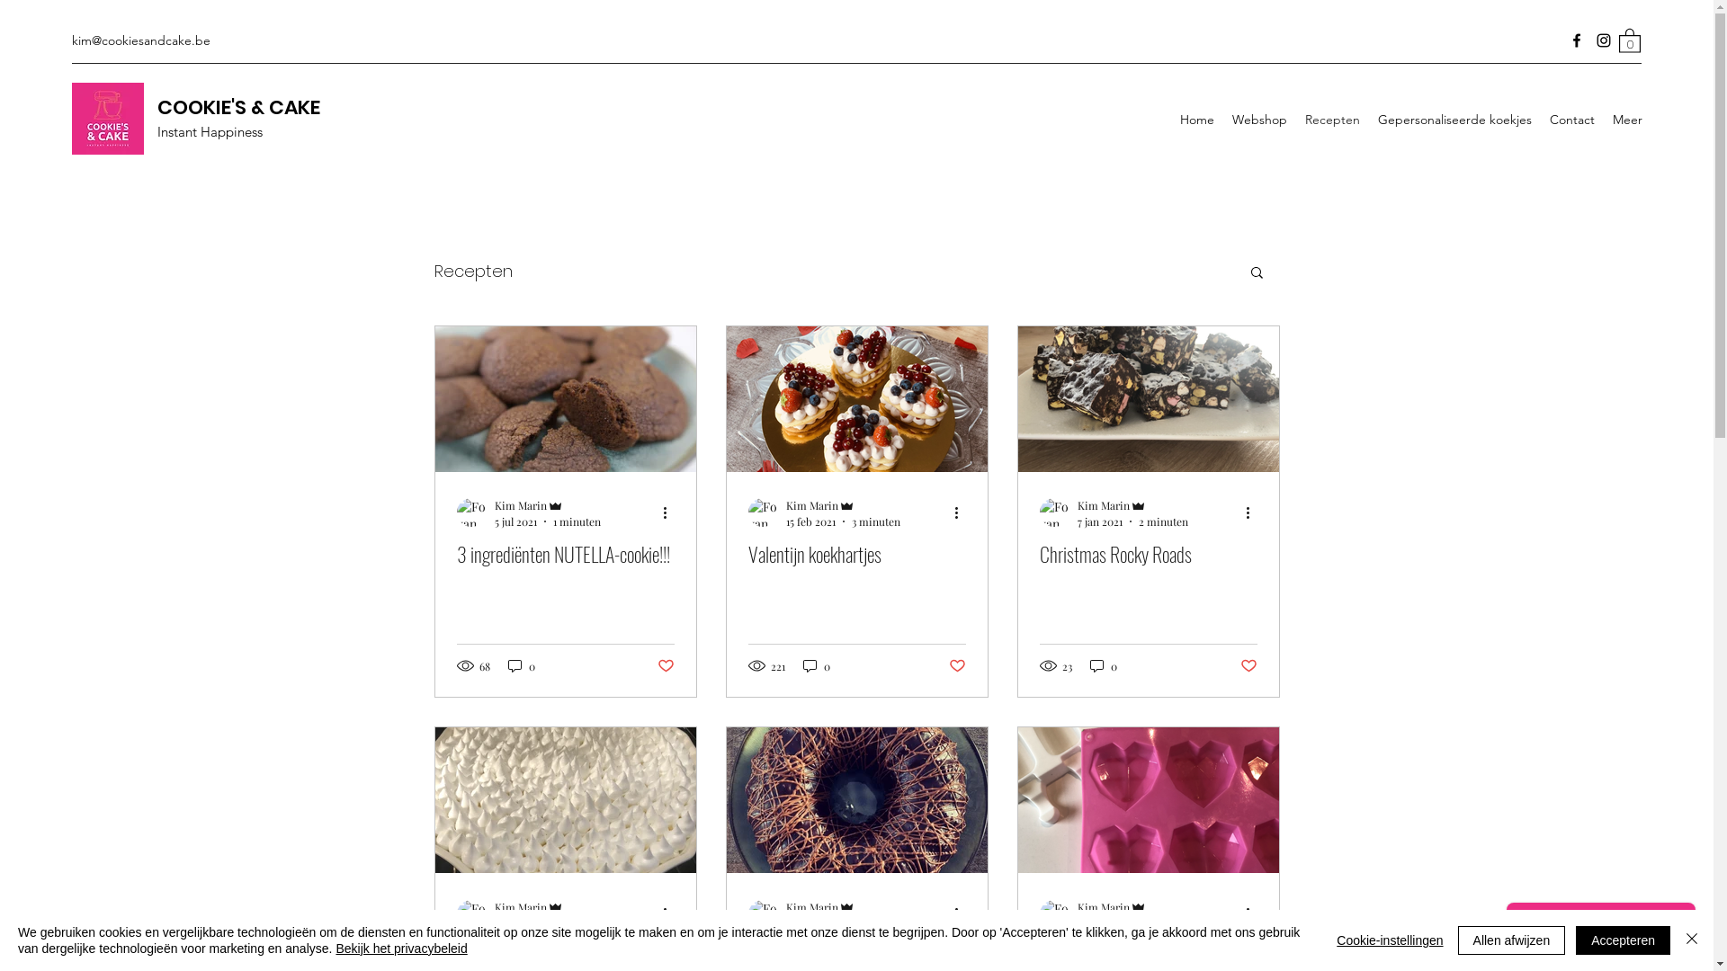 Image resolution: width=1727 pixels, height=971 pixels. Describe the element at coordinates (815, 665) in the screenshot. I see `'0'` at that location.